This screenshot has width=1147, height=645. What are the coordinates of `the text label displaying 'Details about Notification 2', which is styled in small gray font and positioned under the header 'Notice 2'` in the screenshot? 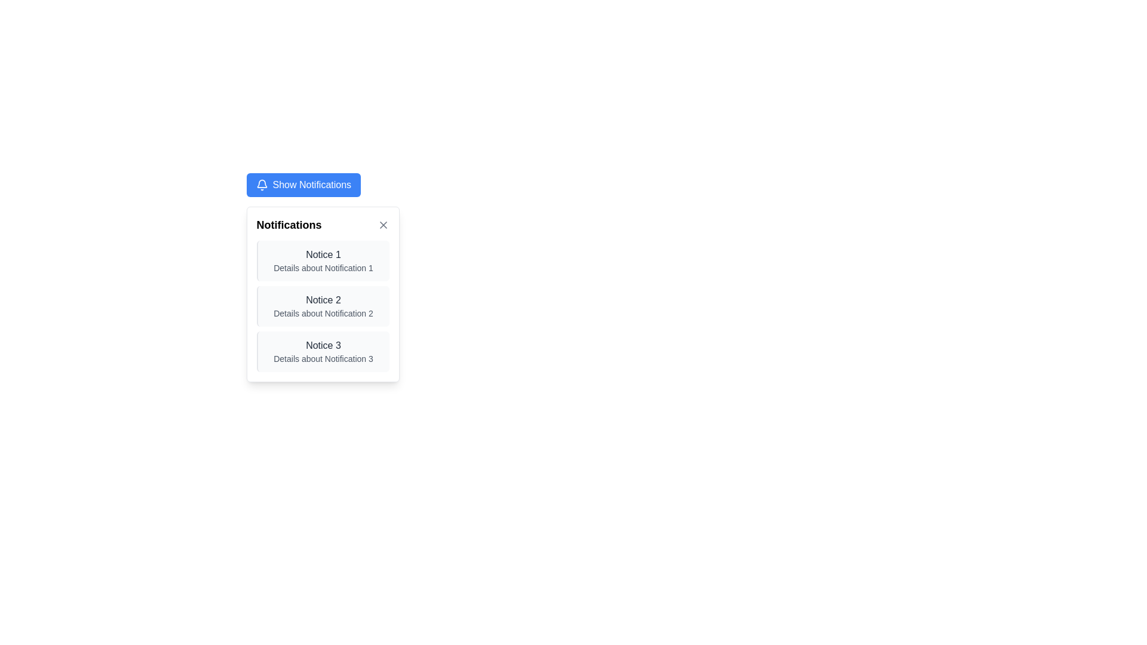 It's located at (323, 312).